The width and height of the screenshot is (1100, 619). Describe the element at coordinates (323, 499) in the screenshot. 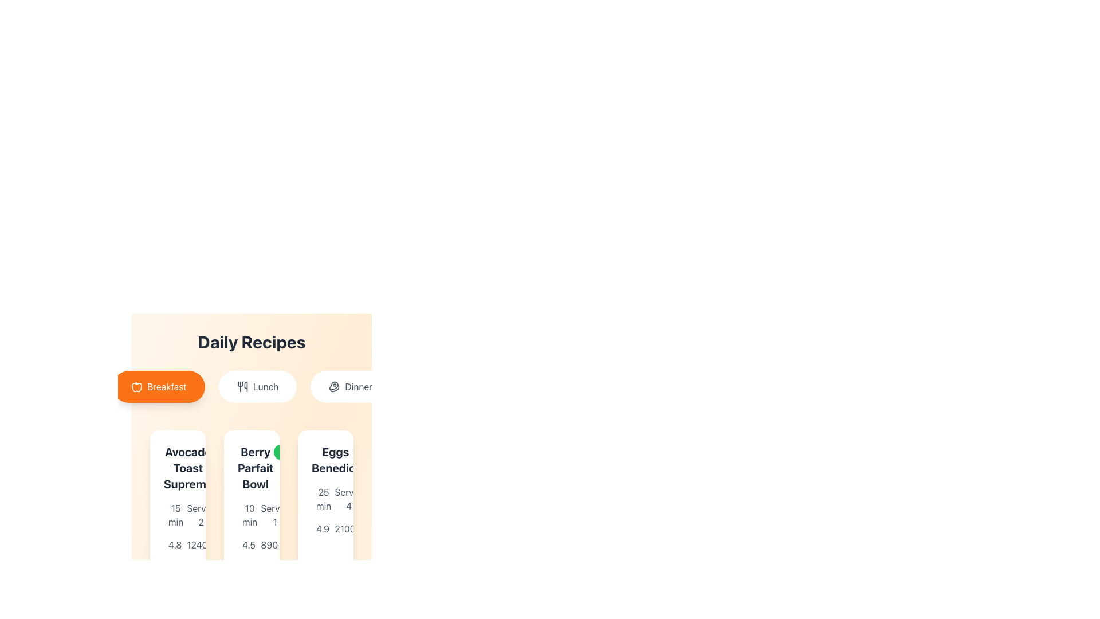

I see `the informative text label displaying the preparation time for the recipe 'Eggs Benedict', located in the third card of the horizontal list` at that location.